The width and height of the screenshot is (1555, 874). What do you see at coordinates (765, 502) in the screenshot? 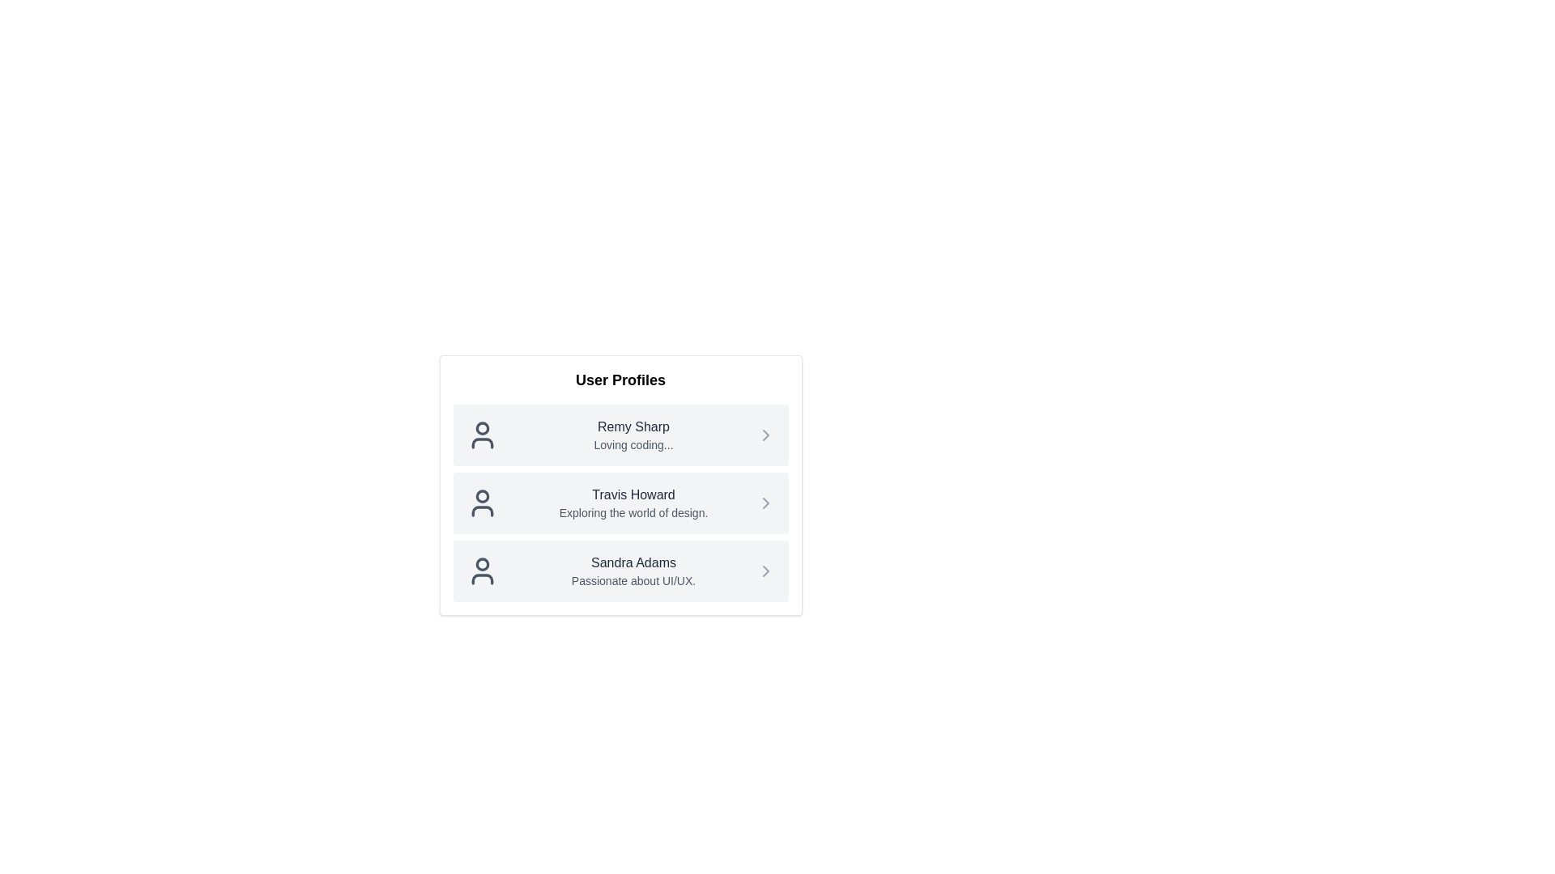
I see `the rightward-pointing chevron icon in the user profile card for 'Travis Howard - Exploring the world of design'` at bounding box center [765, 502].